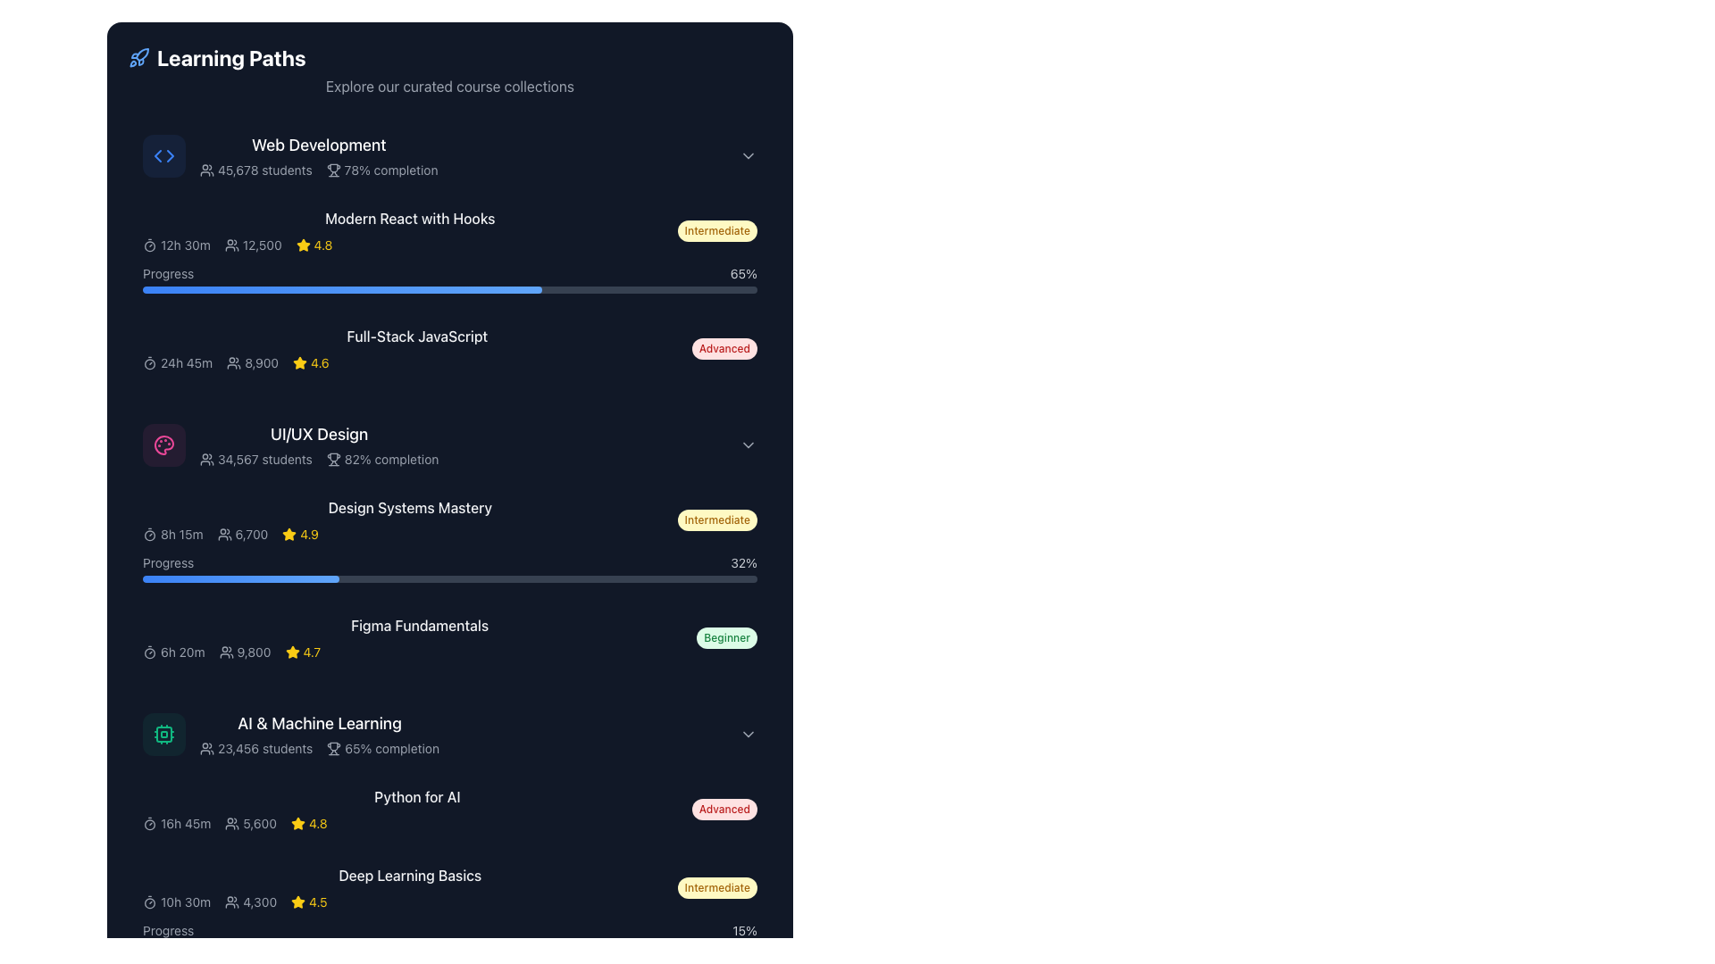 The image size is (1715, 964). What do you see at coordinates (382, 749) in the screenshot?
I see `the completion rate indicator element displaying '65% completion' with a trophy icon in the 'AI & Machine Learning' section of the 'Learning Paths' interface` at bounding box center [382, 749].